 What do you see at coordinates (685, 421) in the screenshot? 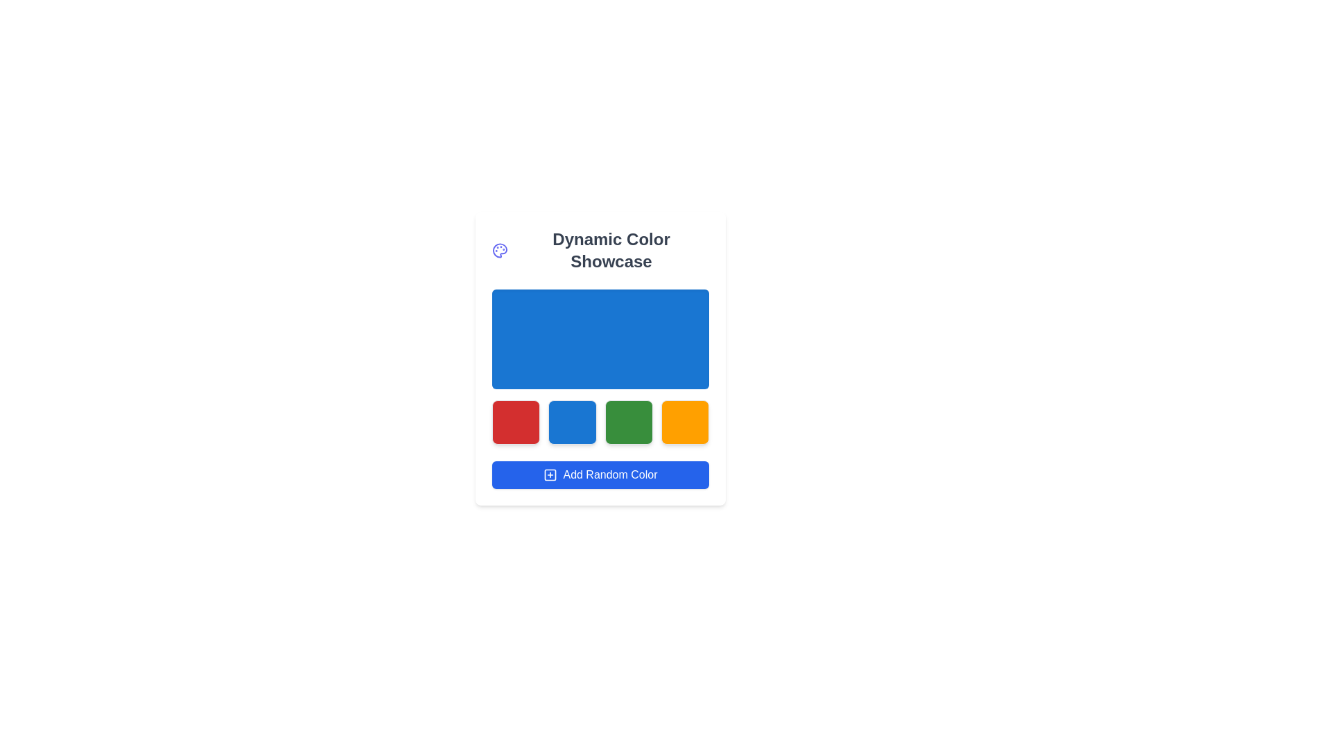
I see `the fourth square in the Dynamic Color Showcase section, which has a bright orange background color` at bounding box center [685, 421].